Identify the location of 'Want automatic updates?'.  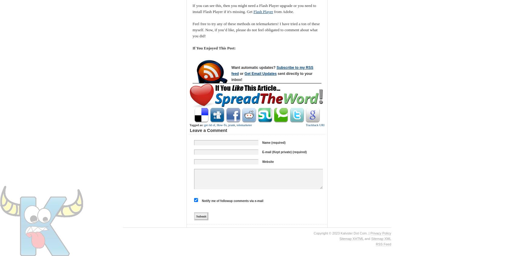
(254, 67).